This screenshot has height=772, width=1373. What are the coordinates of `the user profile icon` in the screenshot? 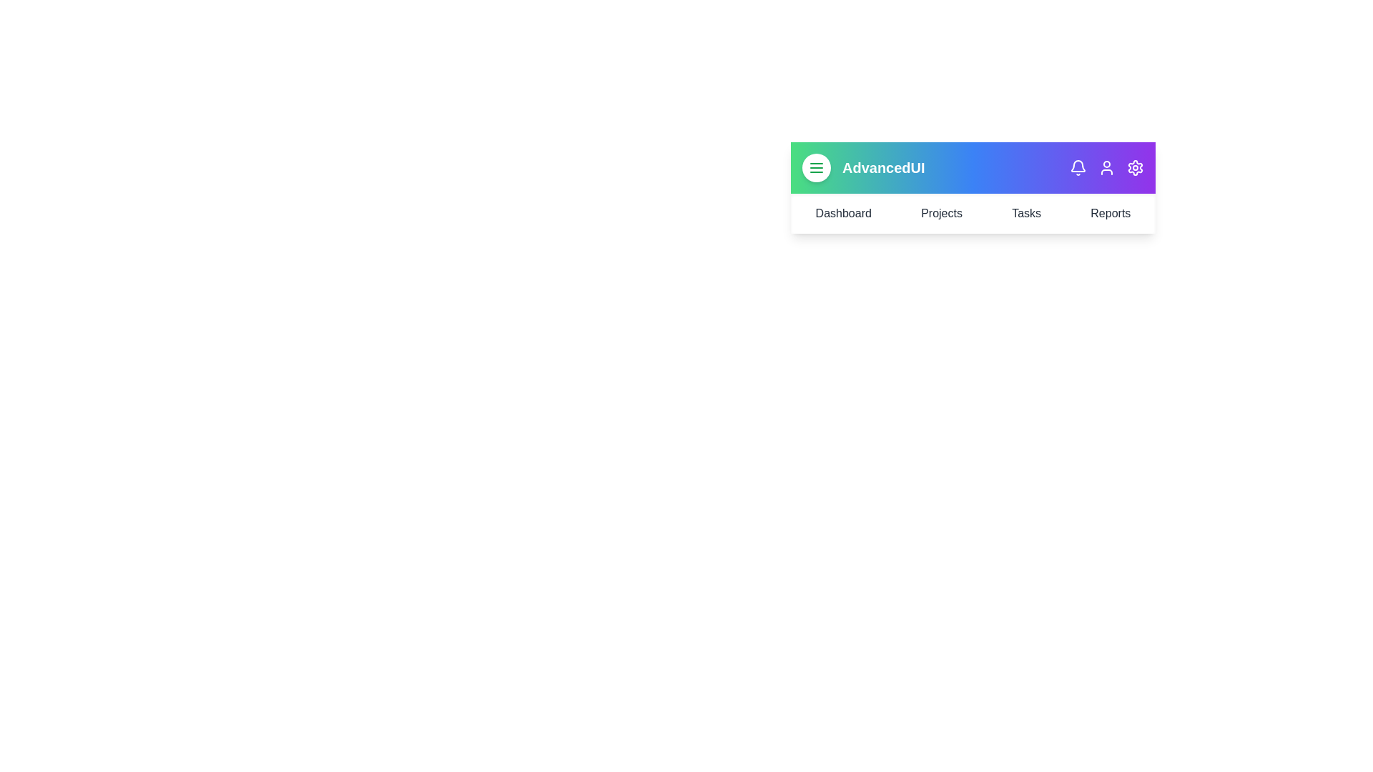 It's located at (1106, 167).